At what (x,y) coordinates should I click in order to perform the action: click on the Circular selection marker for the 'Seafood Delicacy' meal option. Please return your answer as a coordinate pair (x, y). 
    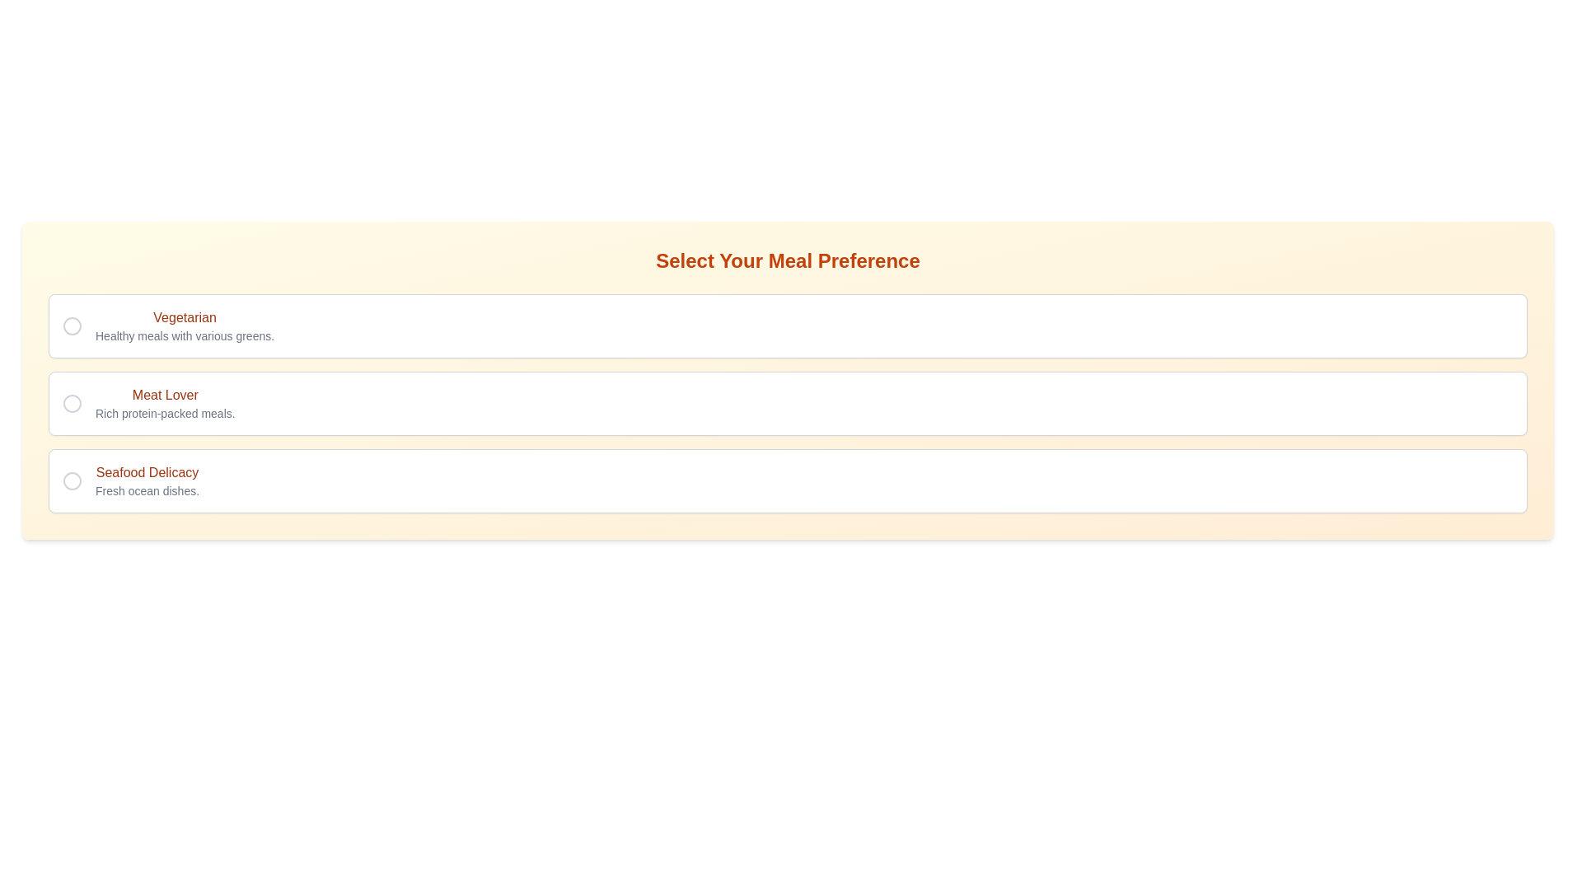
    Looking at the image, I should click on (71, 480).